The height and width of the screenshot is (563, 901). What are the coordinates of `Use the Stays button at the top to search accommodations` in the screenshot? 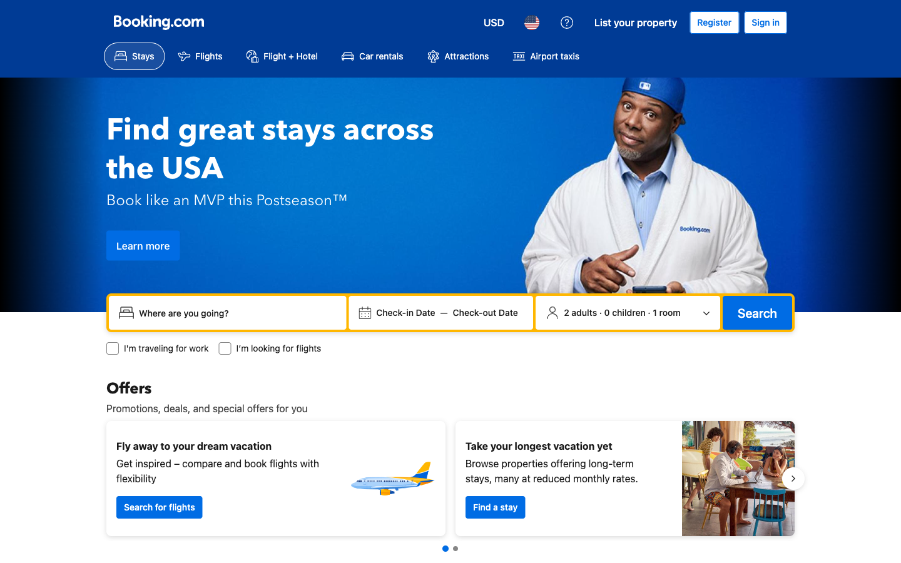 It's located at (134, 56).